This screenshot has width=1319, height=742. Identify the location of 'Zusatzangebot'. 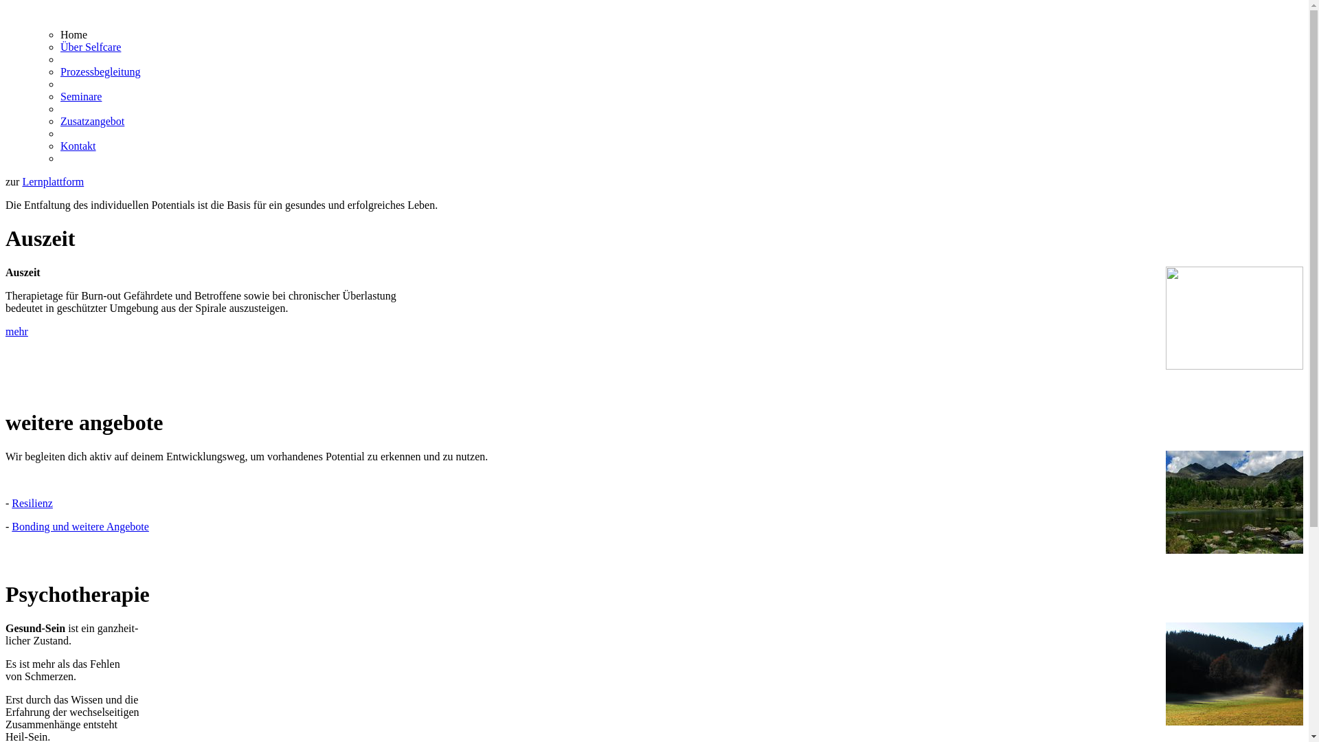
(91, 120).